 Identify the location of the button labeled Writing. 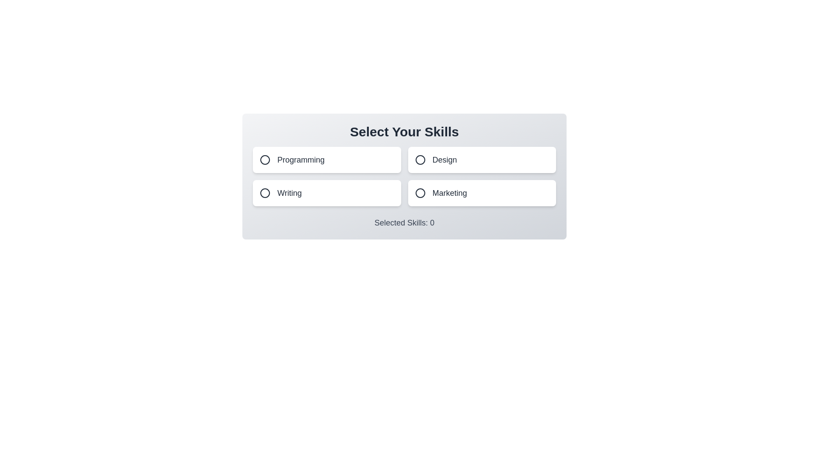
(326, 193).